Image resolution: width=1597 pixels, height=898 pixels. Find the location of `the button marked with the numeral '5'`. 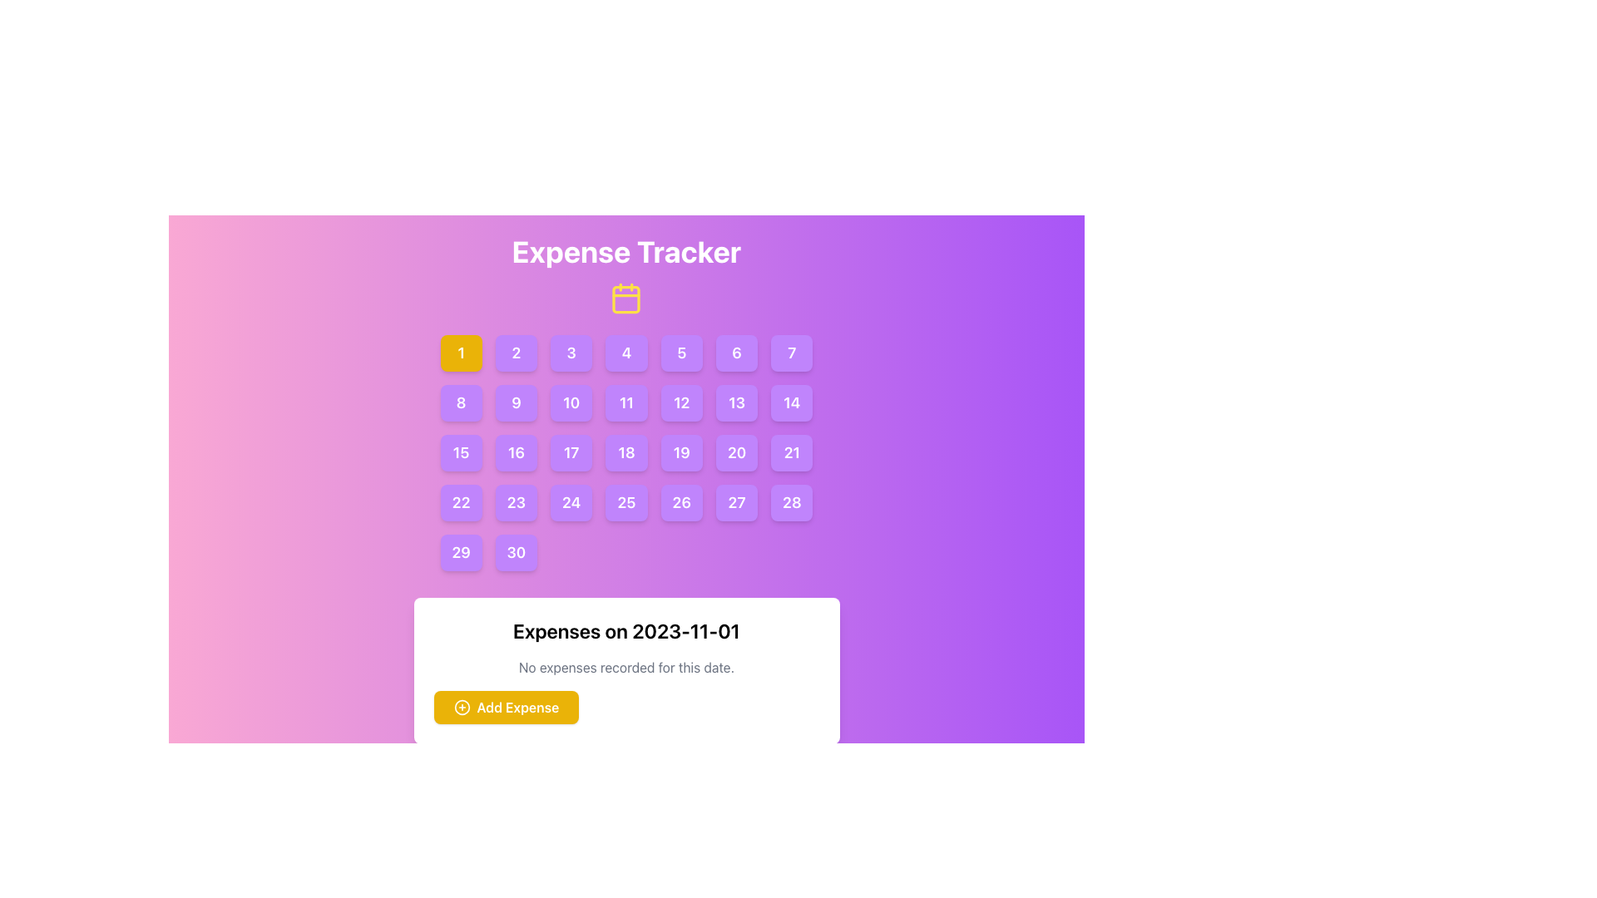

the button marked with the numeral '5' is located at coordinates (681, 352).